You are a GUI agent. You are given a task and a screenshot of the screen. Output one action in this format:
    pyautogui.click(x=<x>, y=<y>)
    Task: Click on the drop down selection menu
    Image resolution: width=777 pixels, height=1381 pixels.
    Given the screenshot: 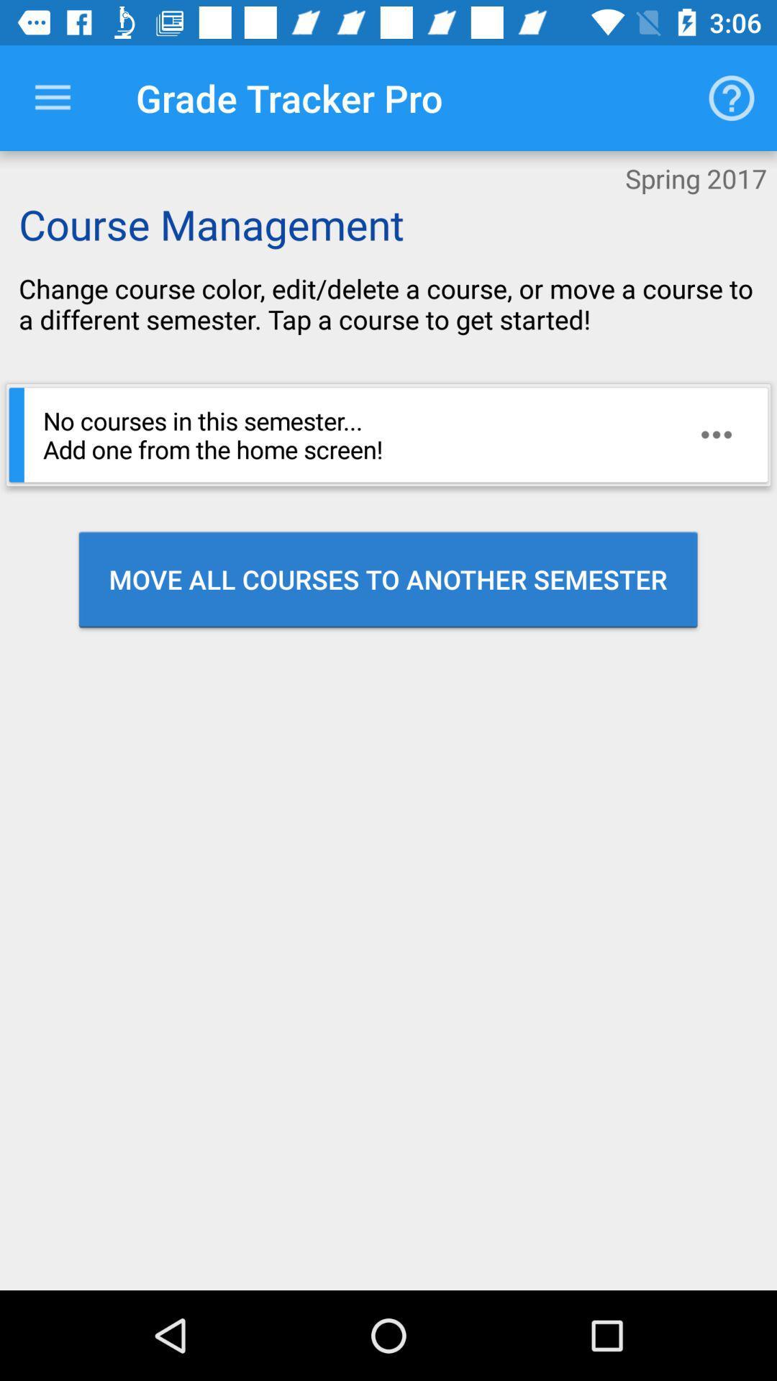 What is the action you would take?
    pyautogui.click(x=52, y=97)
    